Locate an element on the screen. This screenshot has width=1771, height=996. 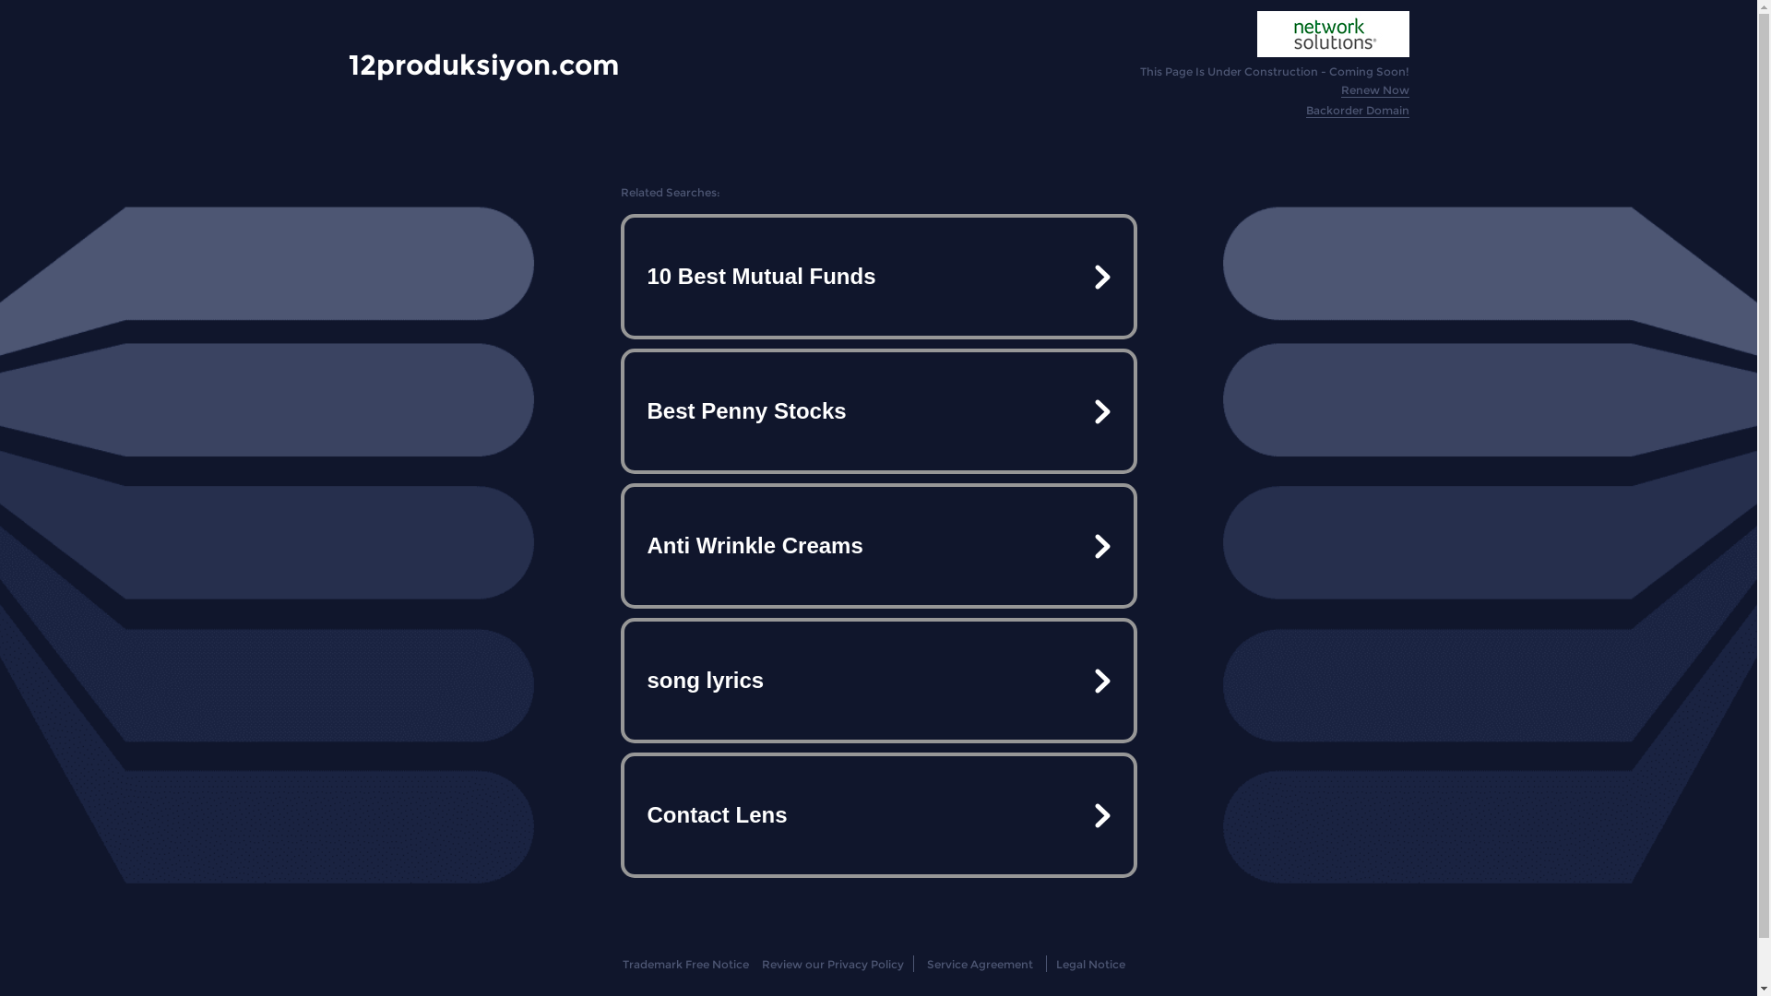
'Backorder Domain' is located at coordinates (1358, 110).